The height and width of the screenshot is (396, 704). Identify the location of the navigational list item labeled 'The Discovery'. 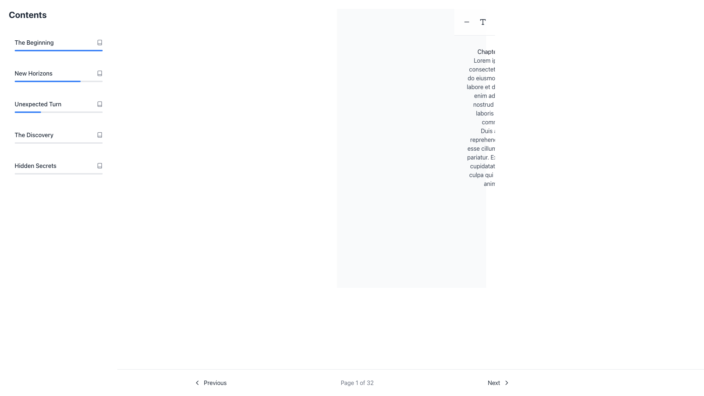
(58, 137).